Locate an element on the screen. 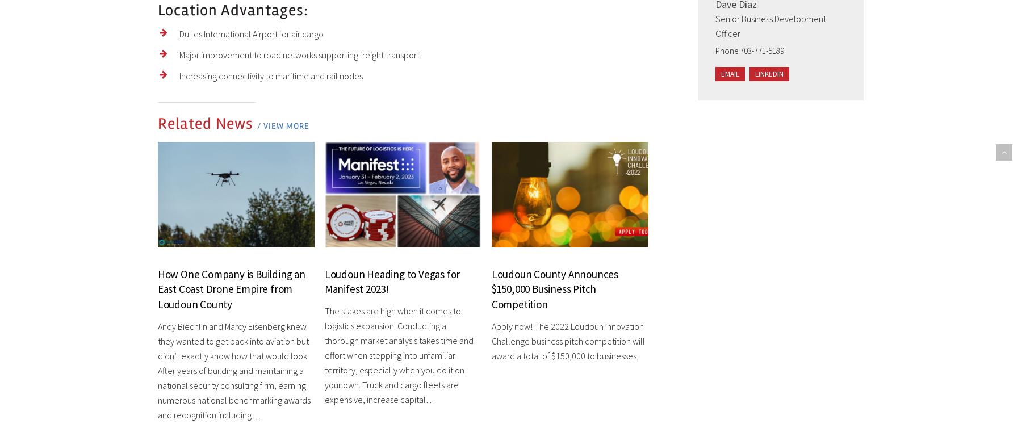 The image size is (1022, 424). 'Major improvement to road networks supporting freight transport' is located at coordinates (298, 54).